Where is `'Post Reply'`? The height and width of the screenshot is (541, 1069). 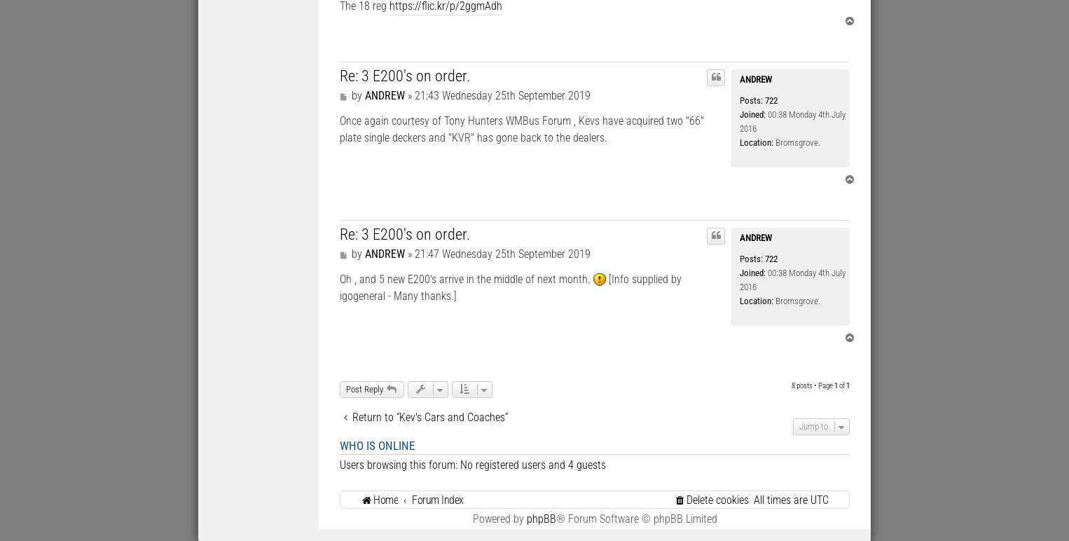 'Post Reply' is located at coordinates (364, 388).